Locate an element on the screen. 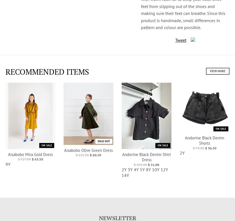 The height and width of the screenshot is (221, 235). '$ 121.00' is located at coordinates (82, 155).